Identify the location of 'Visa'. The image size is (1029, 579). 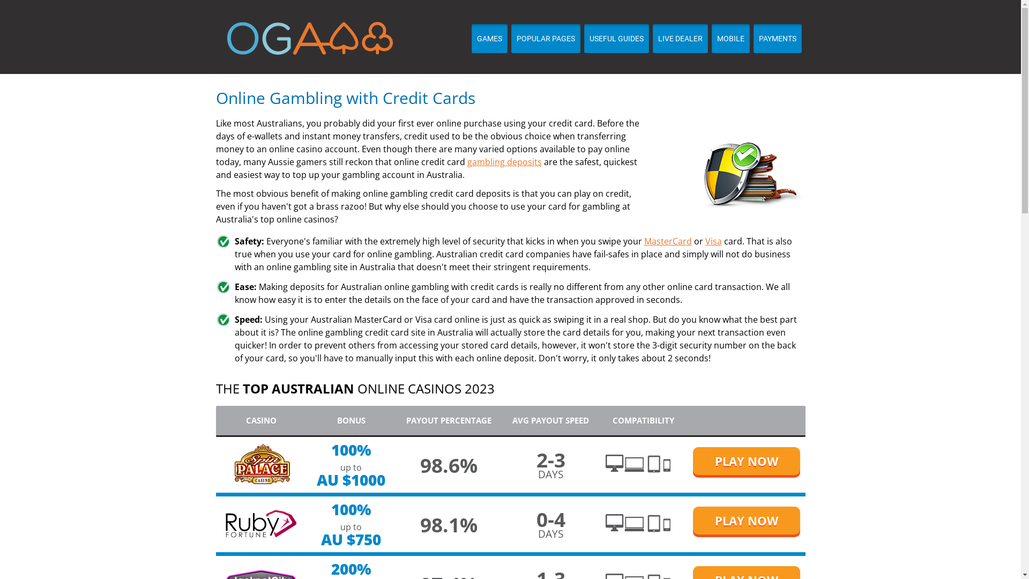
(713, 241).